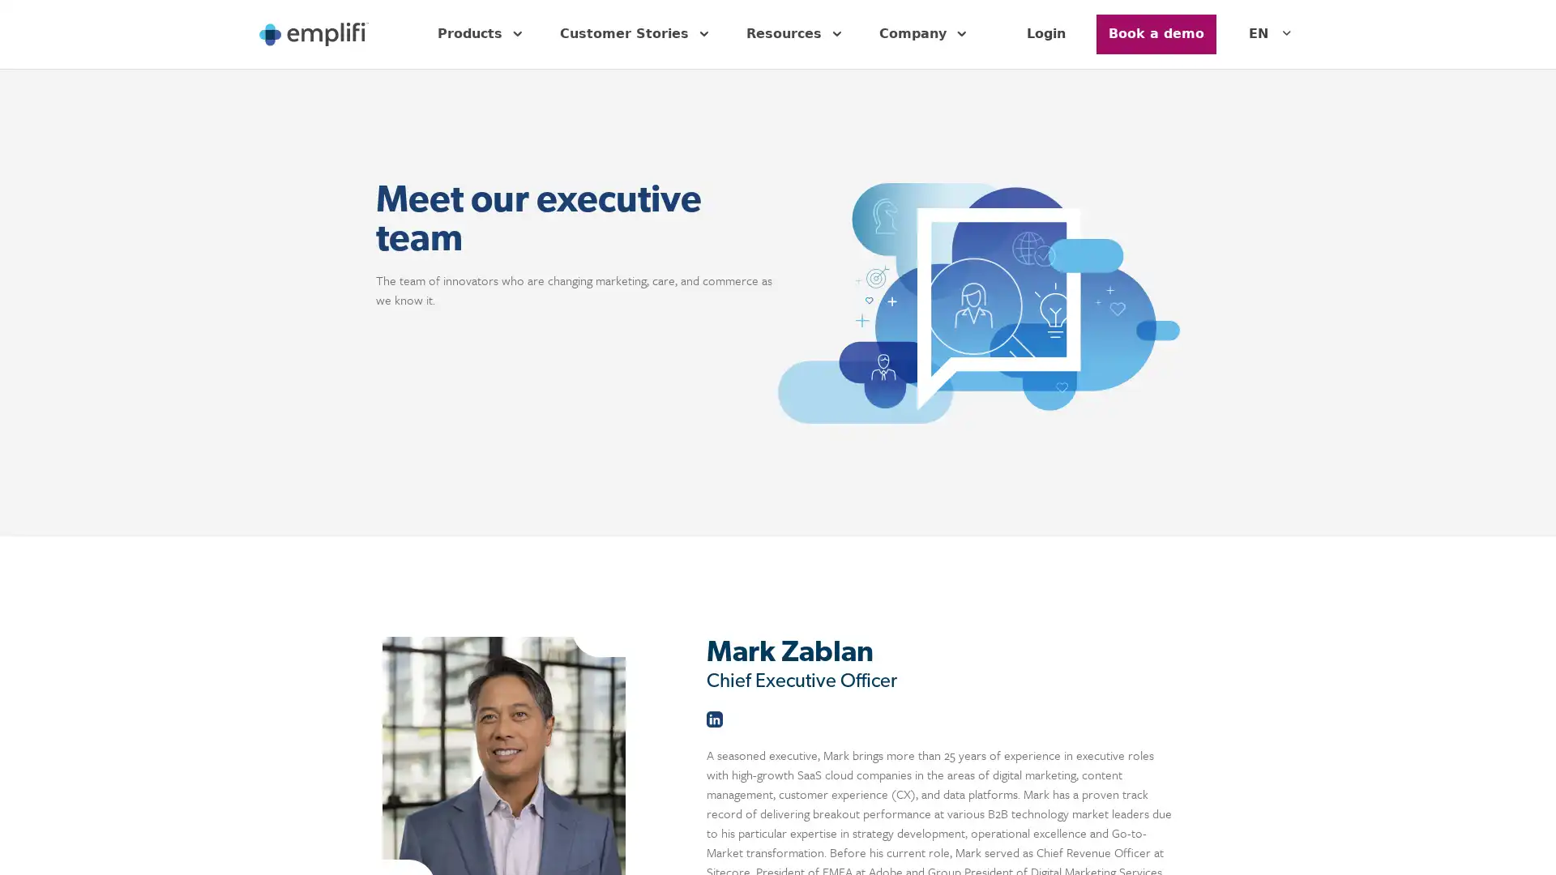  I want to click on Company, so click(925, 34).